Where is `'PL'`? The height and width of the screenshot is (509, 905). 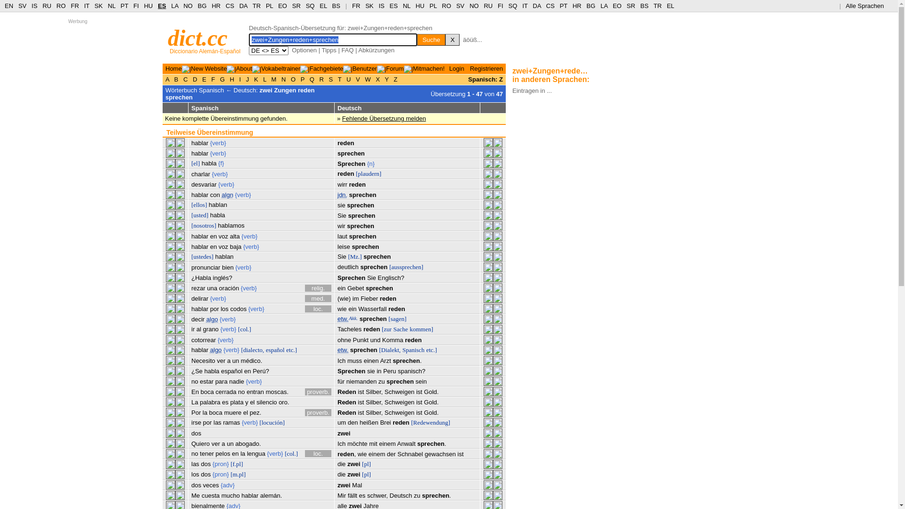 'PL' is located at coordinates (269, 6).